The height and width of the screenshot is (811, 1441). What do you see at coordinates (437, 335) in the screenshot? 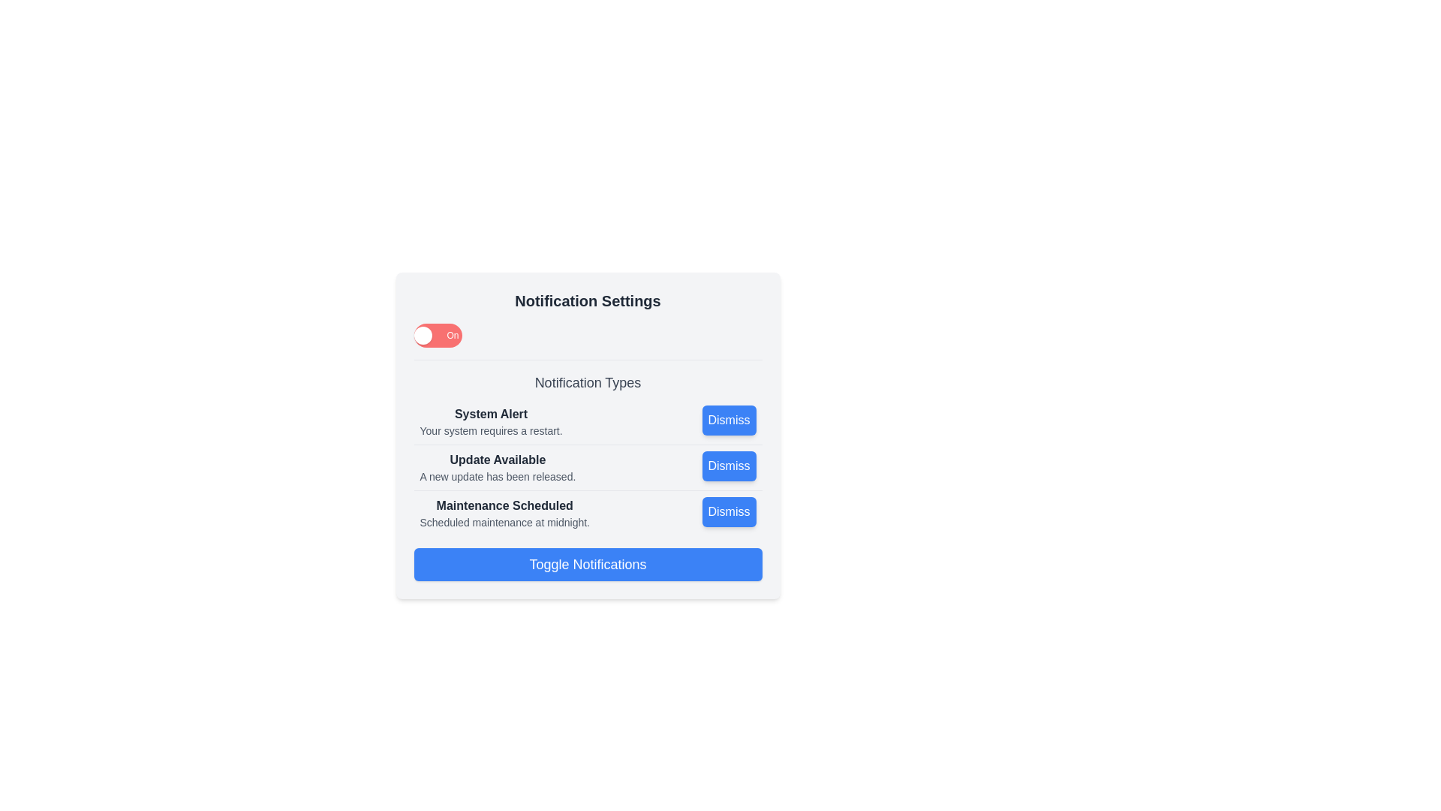
I see `the toggle switch with a red background and a white circular handle, located beneath 'Notification Settings' and above 'Notification Types', to receive additional visual feedback` at bounding box center [437, 335].